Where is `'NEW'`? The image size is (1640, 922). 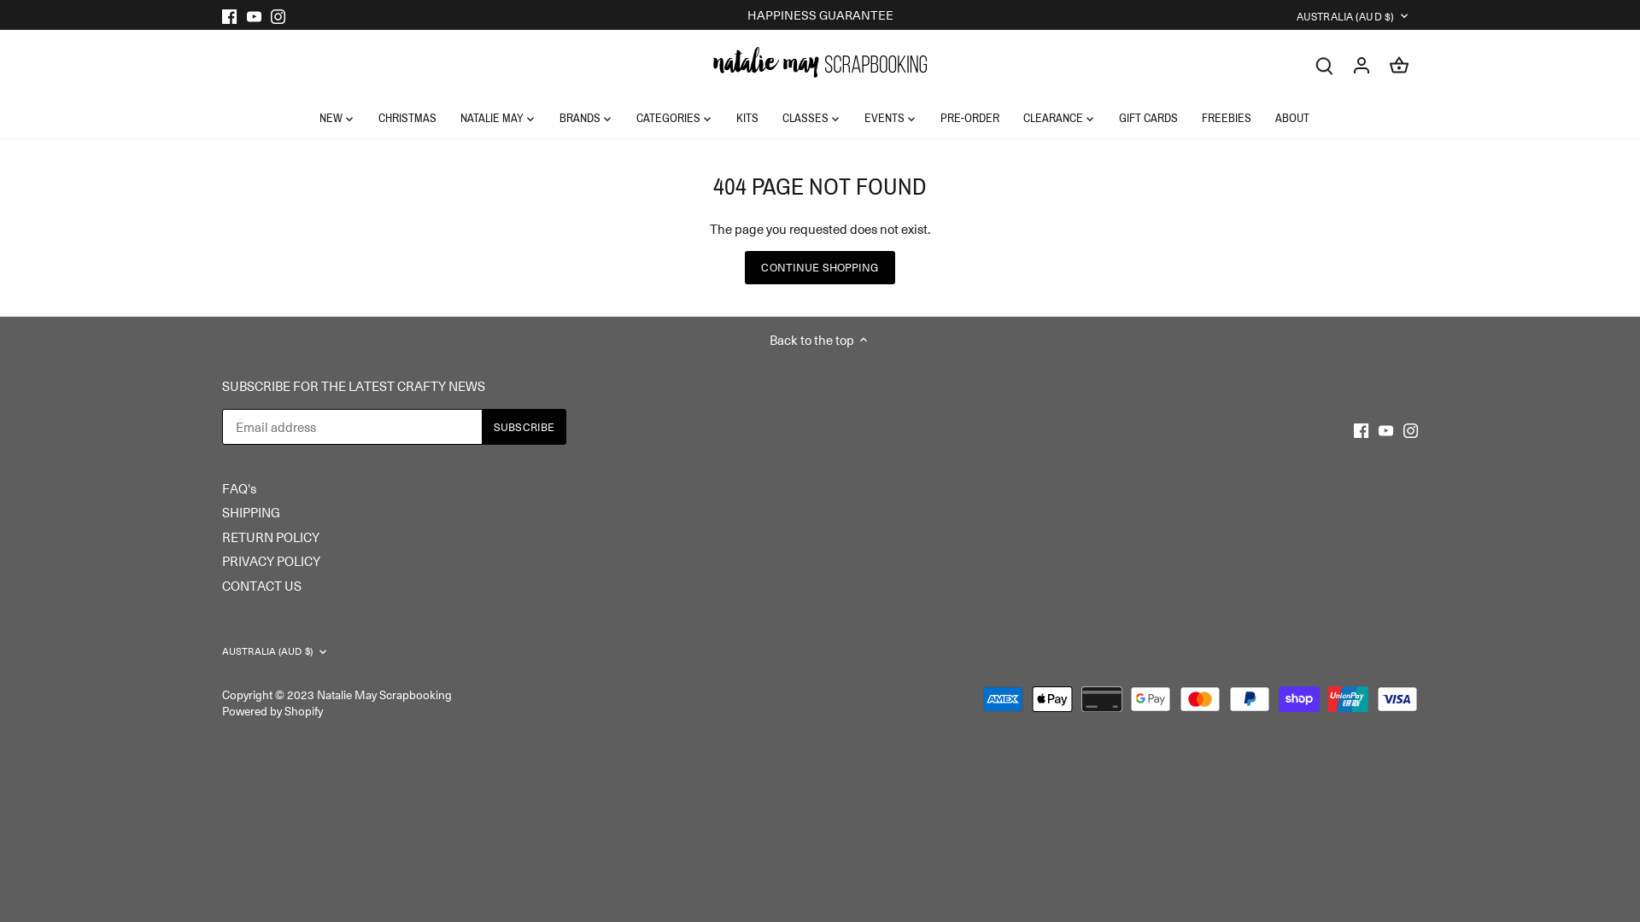 'NEW' is located at coordinates (319, 117).